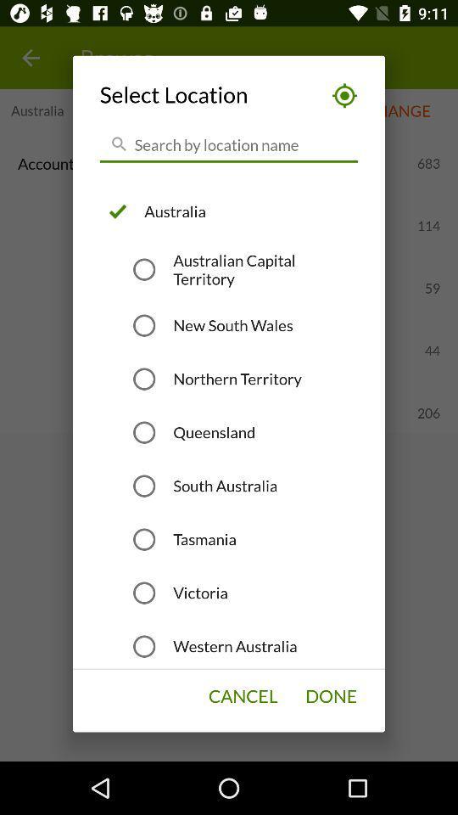  I want to click on the tasmania icon, so click(204, 538).